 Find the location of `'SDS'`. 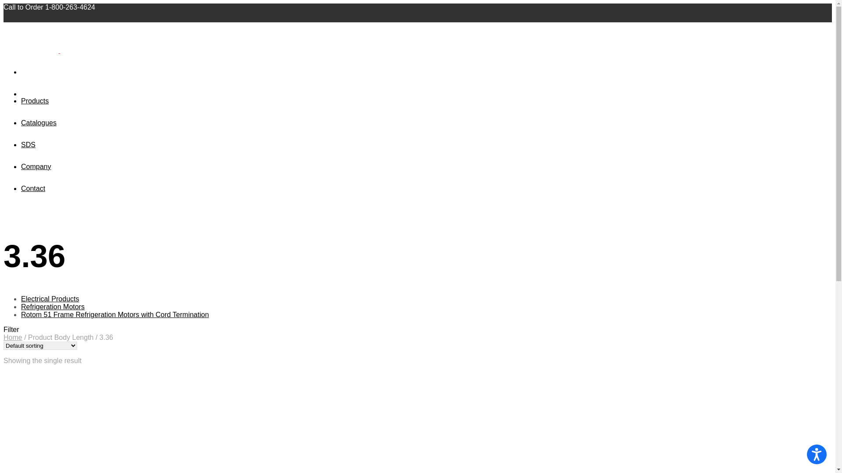

'SDS' is located at coordinates (28, 144).